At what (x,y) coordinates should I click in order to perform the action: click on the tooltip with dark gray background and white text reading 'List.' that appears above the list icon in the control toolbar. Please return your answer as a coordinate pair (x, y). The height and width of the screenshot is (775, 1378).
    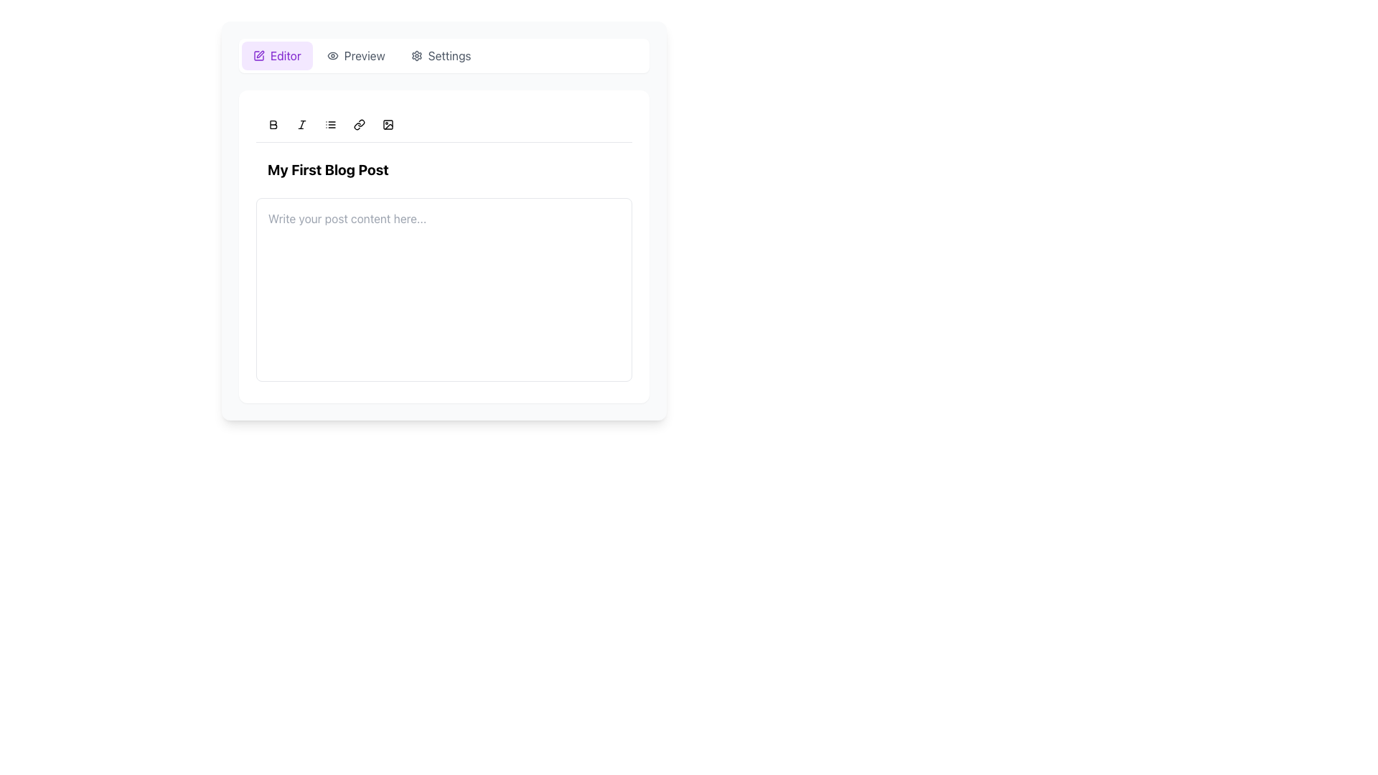
    Looking at the image, I should click on (332, 116).